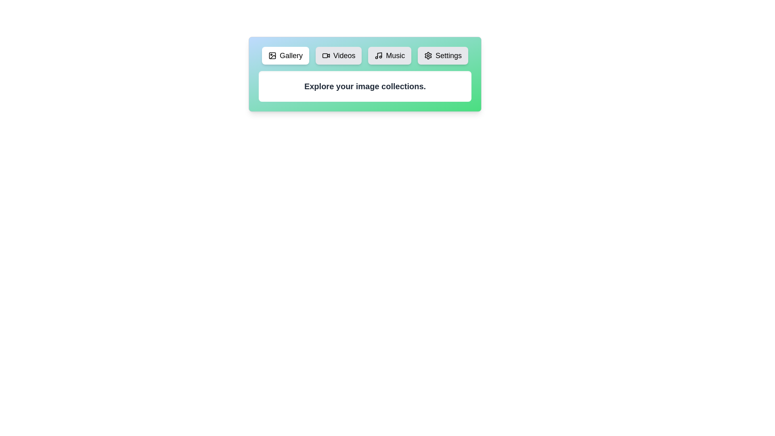 The image size is (775, 436). Describe the element at coordinates (442, 55) in the screenshot. I see `the tab labeled Settings to observe its hover effect` at that location.